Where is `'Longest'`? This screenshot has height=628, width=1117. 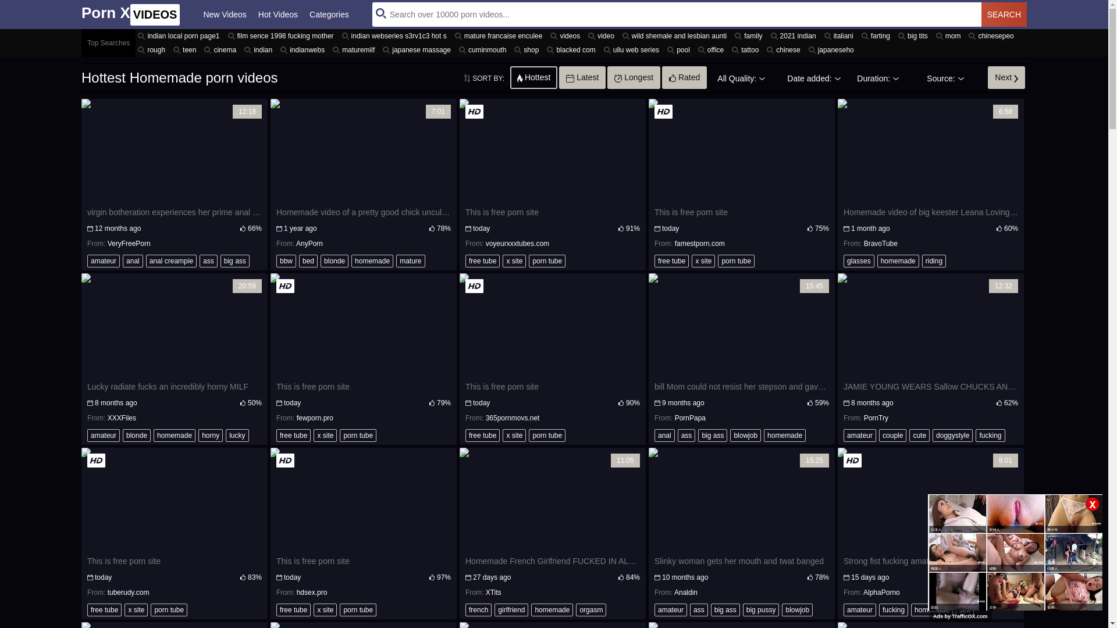
'Longest' is located at coordinates (633, 77).